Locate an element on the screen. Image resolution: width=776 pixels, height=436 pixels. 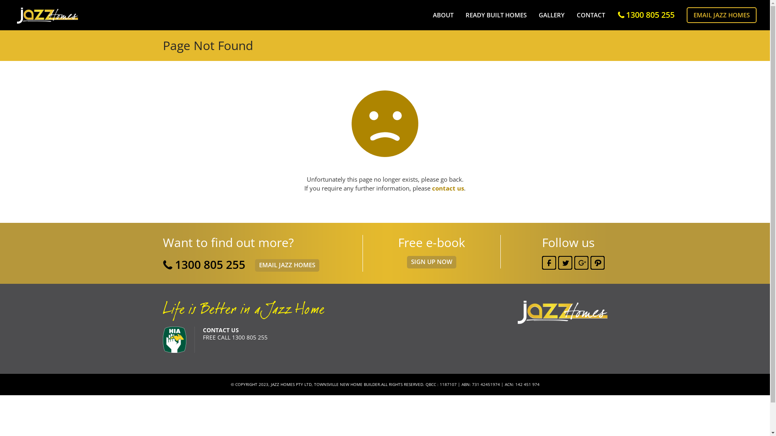
'GALLERY' is located at coordinates (551, 15).